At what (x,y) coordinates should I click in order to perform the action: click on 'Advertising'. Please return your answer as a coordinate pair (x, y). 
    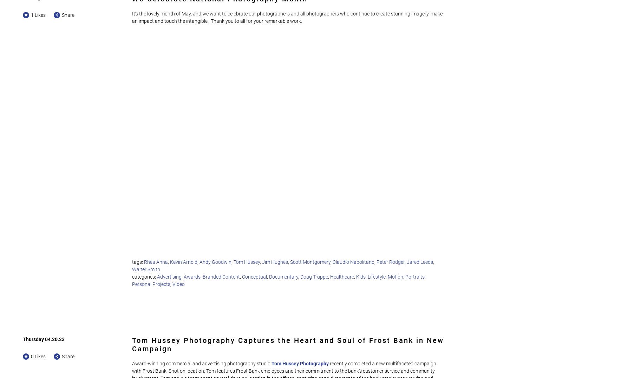
    Looking at the image, I should click on (169, 276).